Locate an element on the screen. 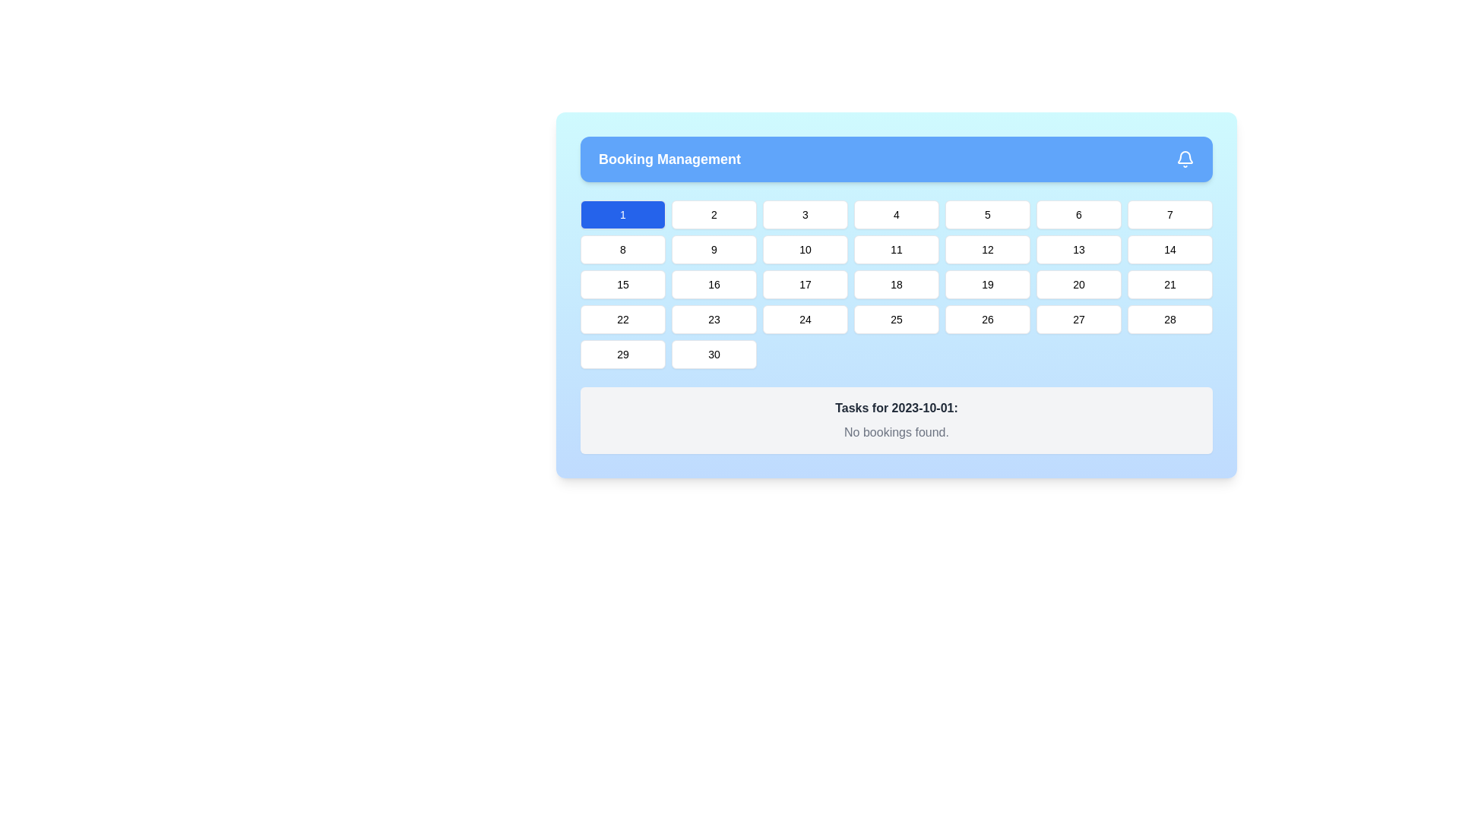 This screenshot has width=1459, height=820. the text label that reads 'No bookings found.' which is styled in gray font and located beneath the caption 'Tasks for 2023-10-01:' is located at coordinates (897, 433).